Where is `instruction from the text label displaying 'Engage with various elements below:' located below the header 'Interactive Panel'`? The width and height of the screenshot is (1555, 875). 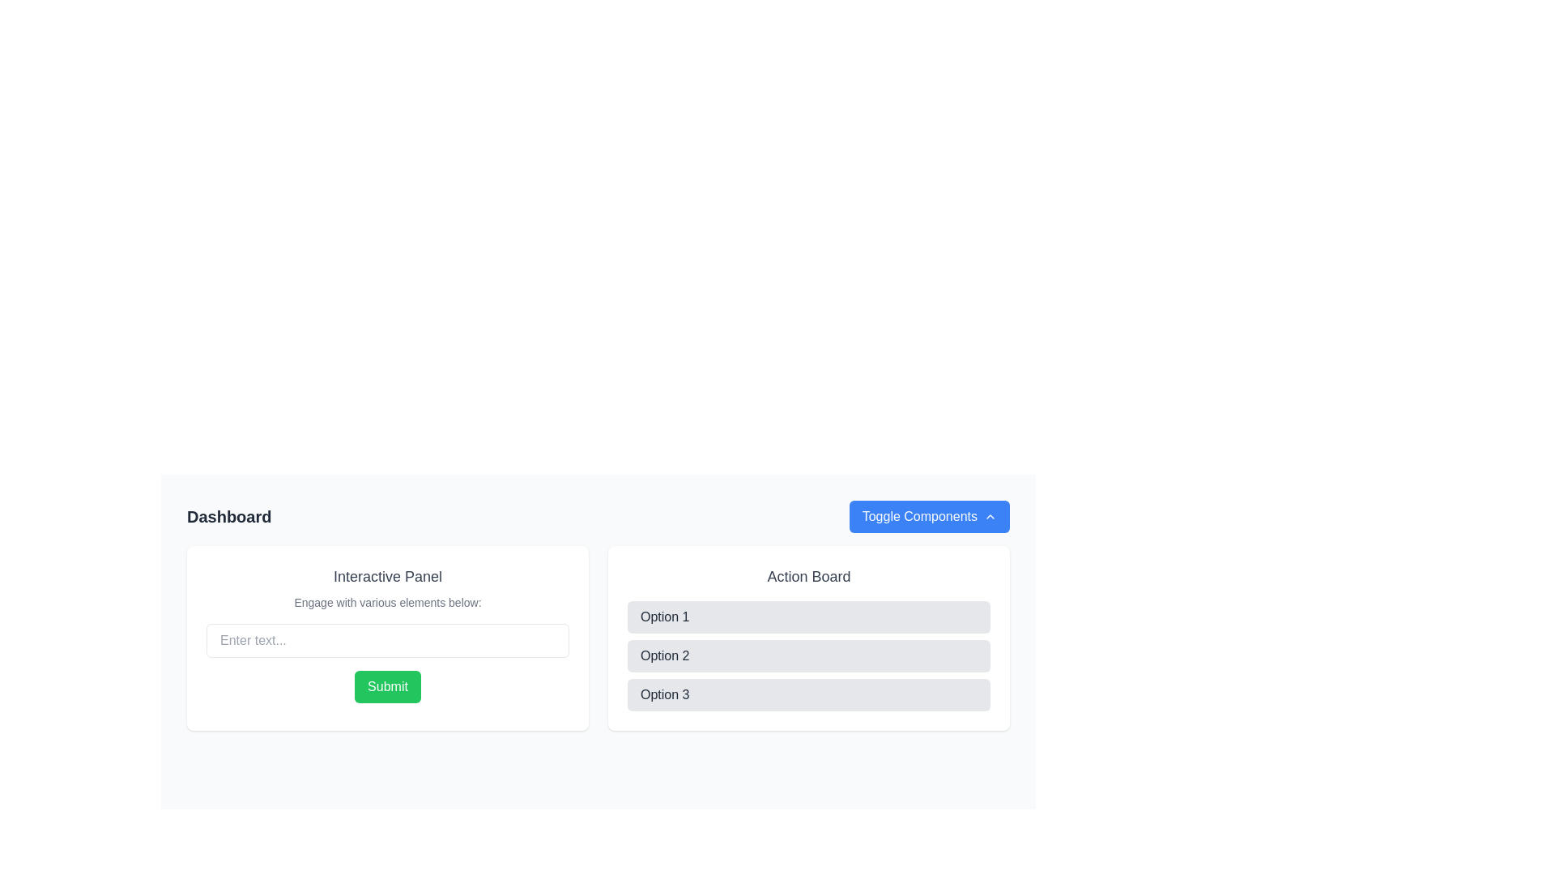 instruction from the text label displaying 'Engage with various elements below:' located below the header 'Interactive Panel' is located at coordinates (387, 603).